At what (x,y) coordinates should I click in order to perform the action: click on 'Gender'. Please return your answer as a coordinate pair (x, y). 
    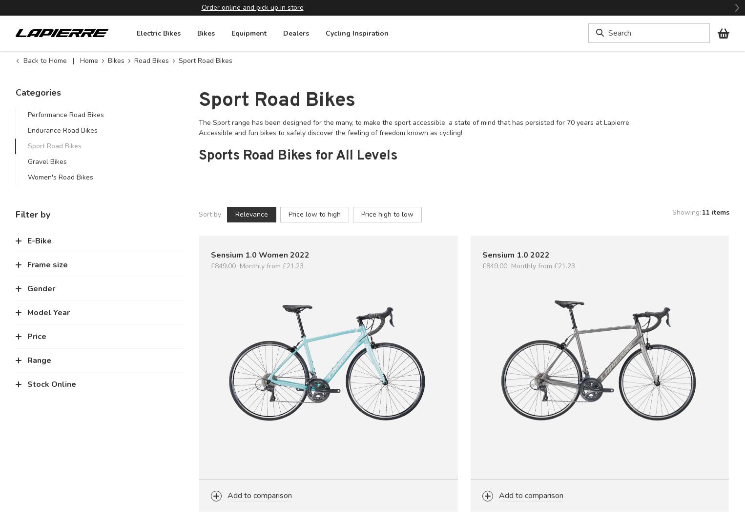
    Looking at the image, I should click on (41, 288).